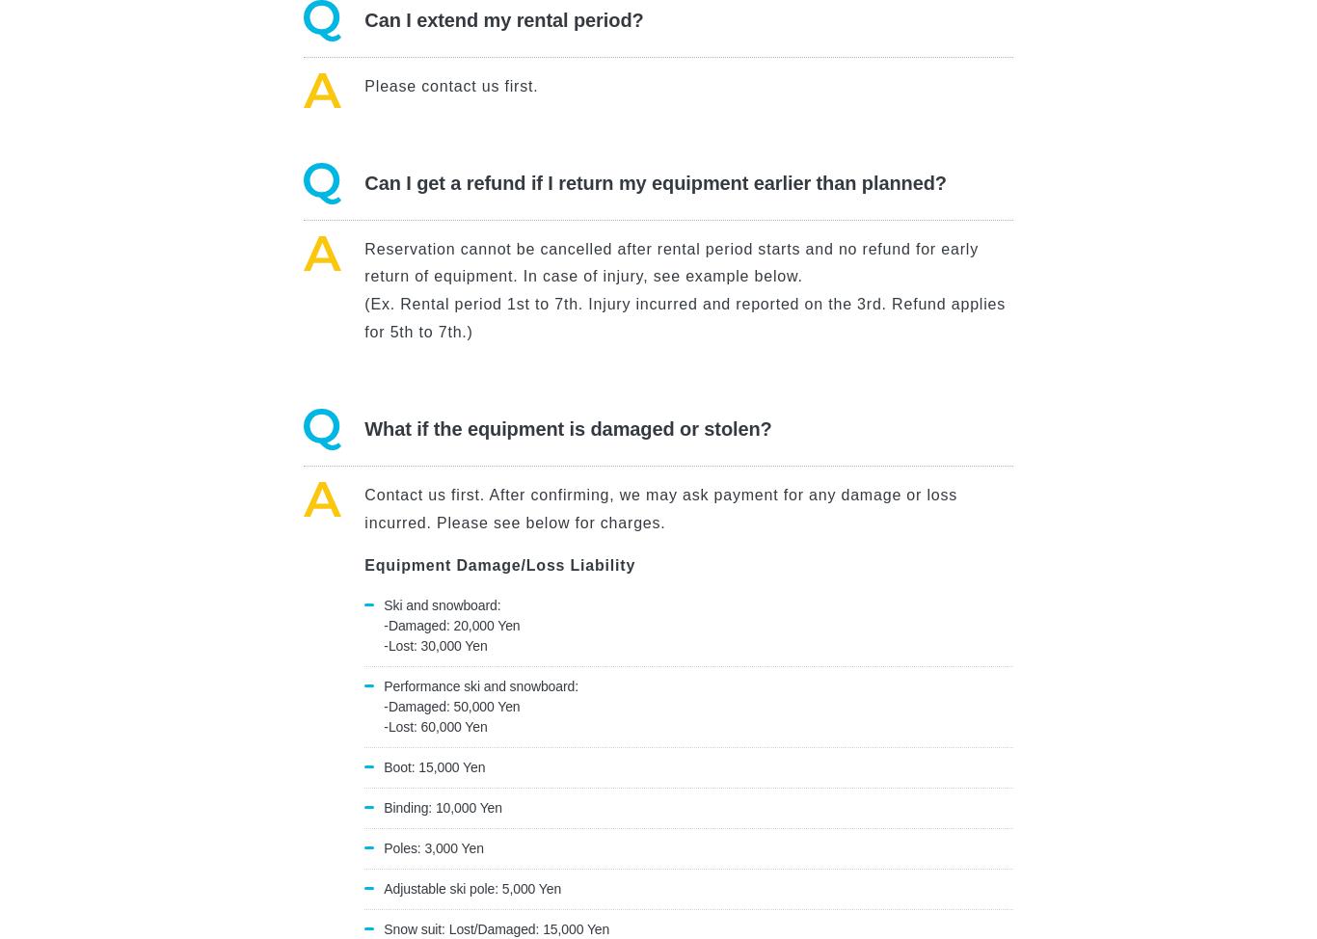 Image resolution: width=1317 pixels, height=939 pixels. Describe the element at coordinates (241, 501) in the screenshot. I see `'Kita 10 Jo Nishi 16 Chome 28 Takushoku 2F, Chuo-ku, Sapporo, Hokkaido, JAPAN 060-0010'` at that location.